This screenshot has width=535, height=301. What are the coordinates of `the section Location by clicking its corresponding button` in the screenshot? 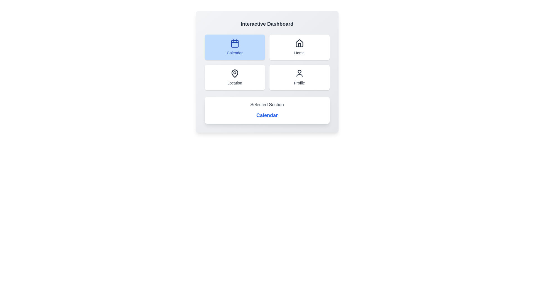 It's located at (235, 77).